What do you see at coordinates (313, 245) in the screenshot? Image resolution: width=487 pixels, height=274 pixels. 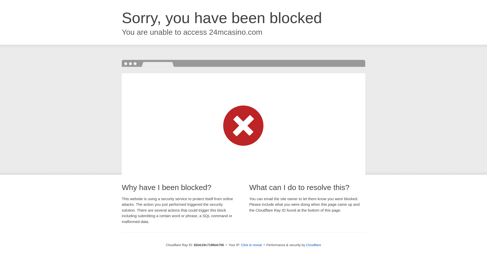 I see `'Cloudflare'` at bounding box center [313, 245].